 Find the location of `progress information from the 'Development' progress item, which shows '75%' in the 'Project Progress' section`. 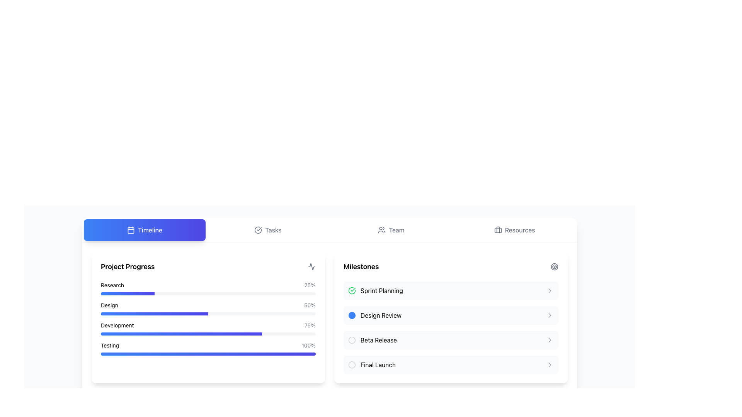

progress information from the 'Development' progress item, which shows '75%' in the 'Project Progress' section is located at coordinates (208, 325).